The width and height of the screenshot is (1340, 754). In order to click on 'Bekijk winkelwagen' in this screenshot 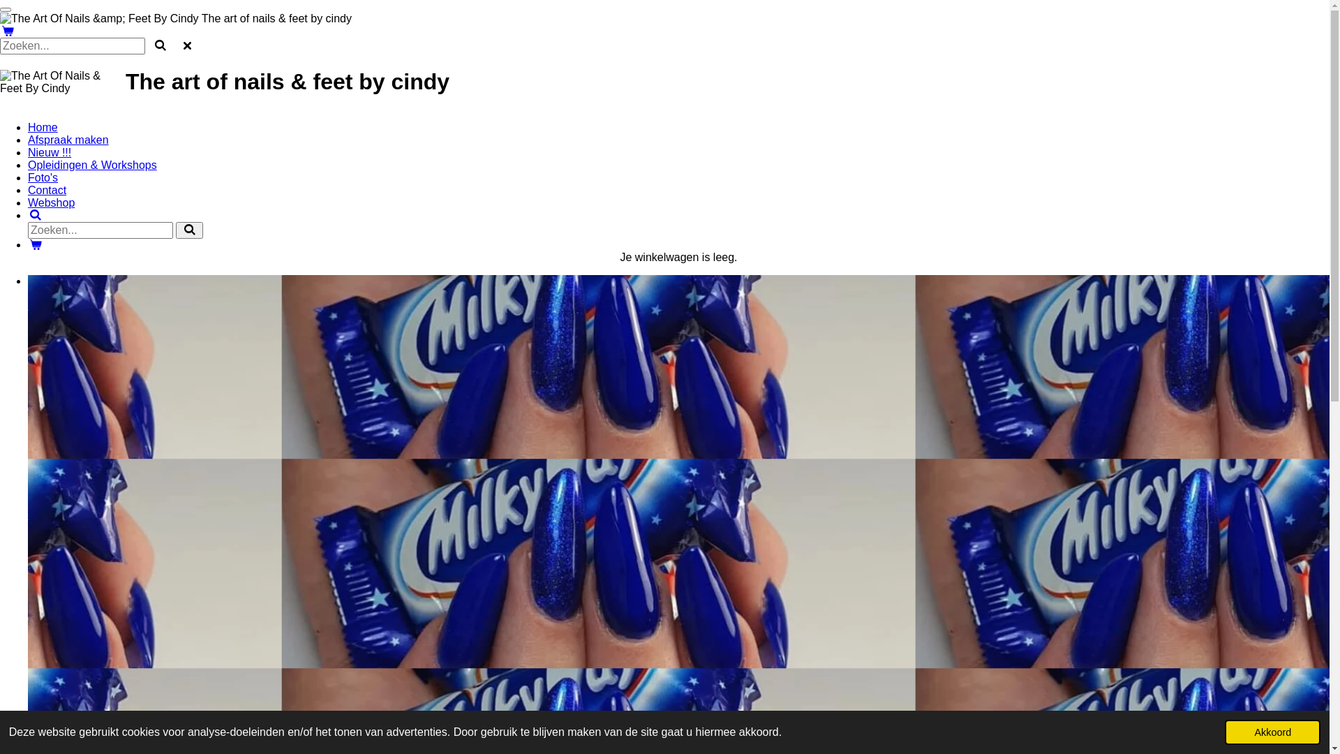, I will do `click(36, 244)`.